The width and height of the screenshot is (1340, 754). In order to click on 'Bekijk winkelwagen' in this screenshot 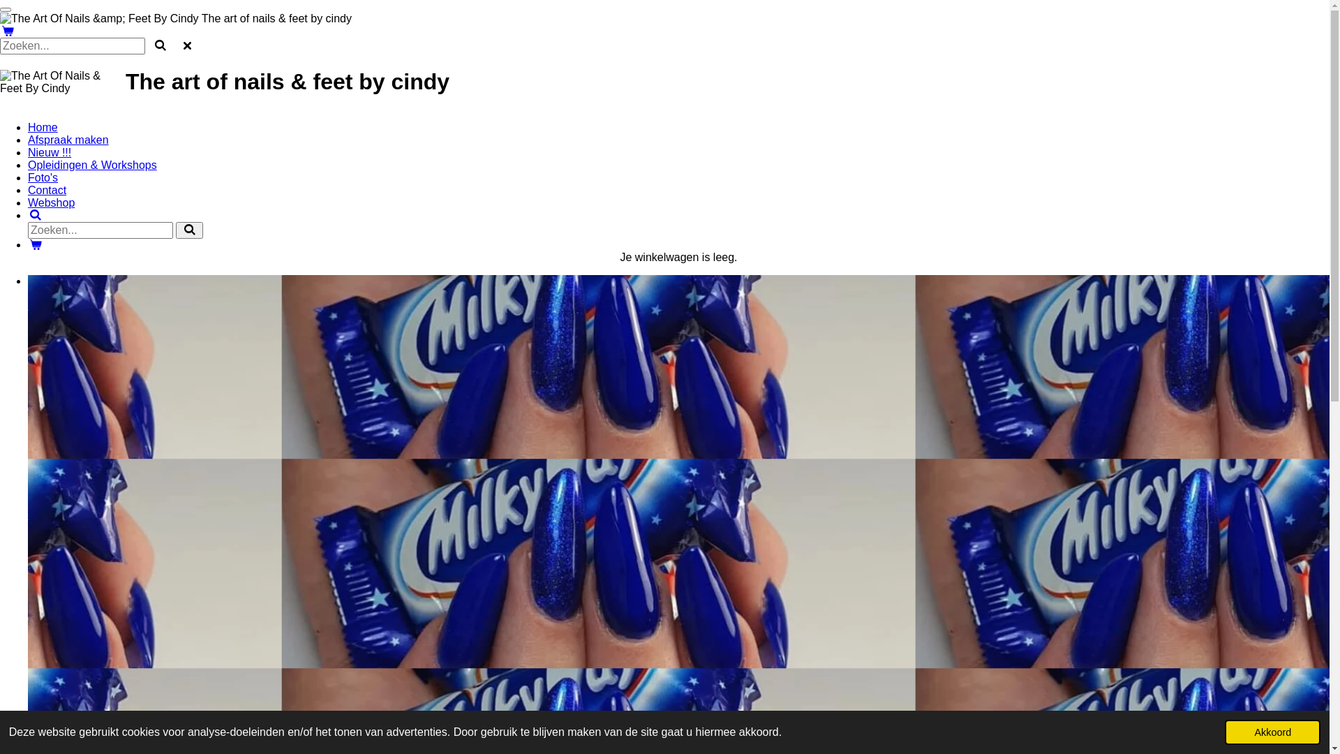, I will do `click(36, 244)`.